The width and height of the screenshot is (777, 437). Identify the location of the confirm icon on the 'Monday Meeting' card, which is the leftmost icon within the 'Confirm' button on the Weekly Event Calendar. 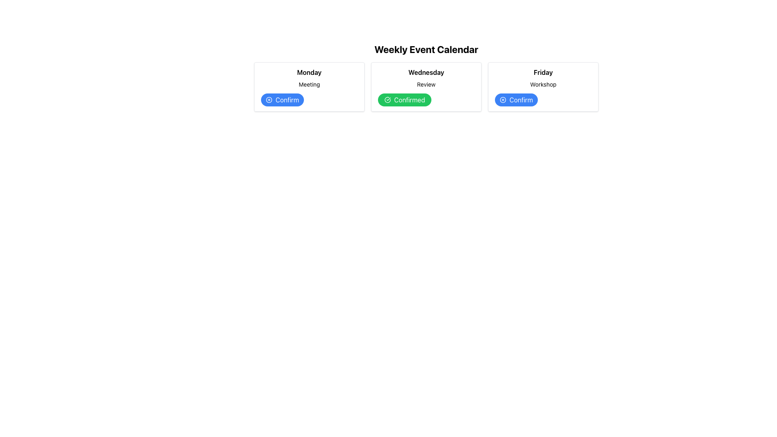
(269, 99).